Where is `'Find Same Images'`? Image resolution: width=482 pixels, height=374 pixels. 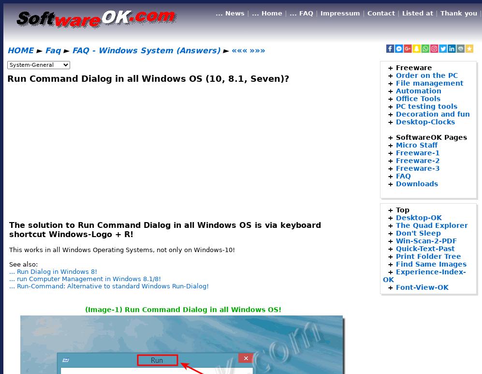 'Find Same Images' is located at coordinates (396, 263).